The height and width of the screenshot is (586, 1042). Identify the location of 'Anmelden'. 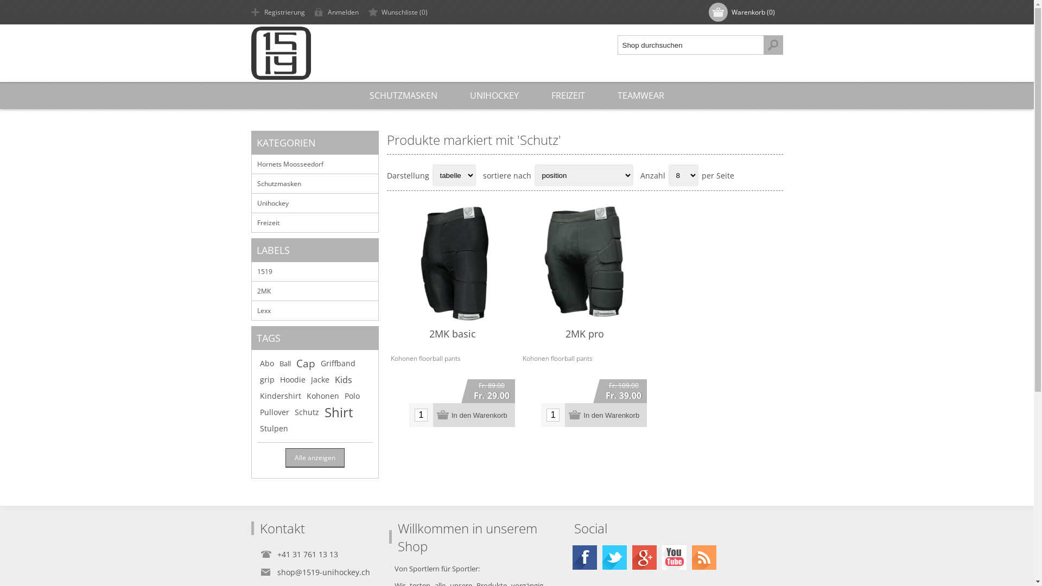
(338, 12).